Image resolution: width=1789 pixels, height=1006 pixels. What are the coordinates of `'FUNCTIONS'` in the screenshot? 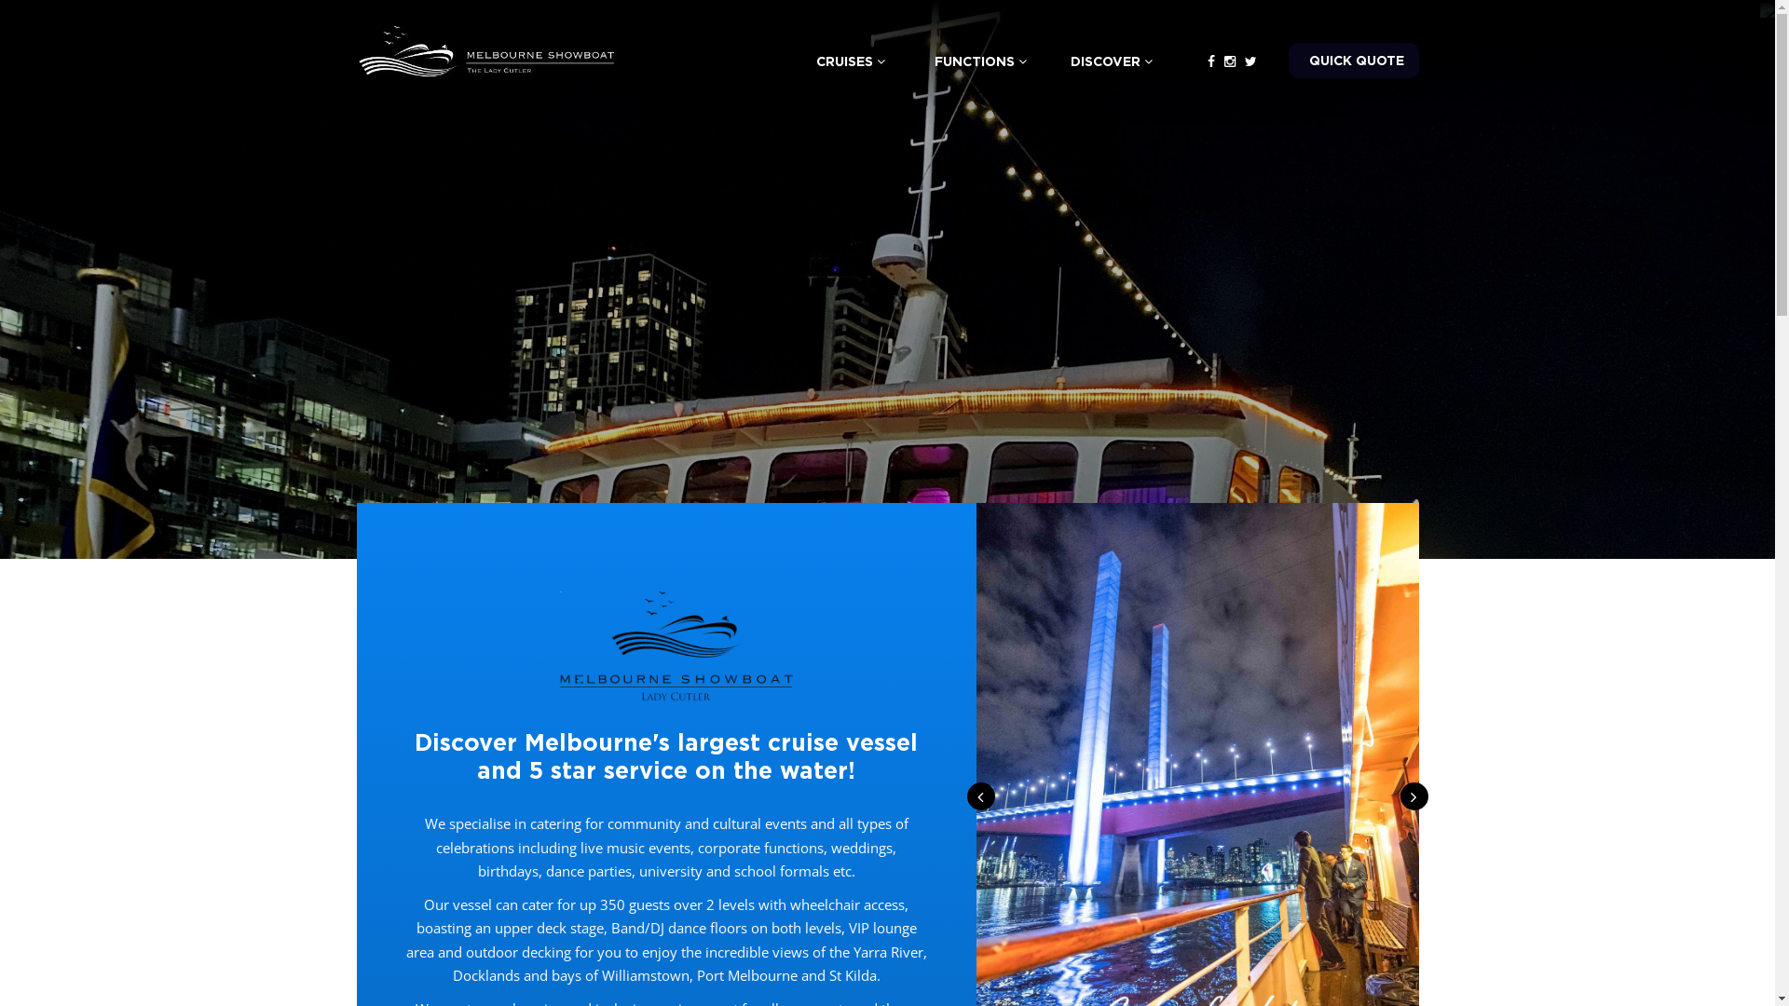 It's located at (978, 60).